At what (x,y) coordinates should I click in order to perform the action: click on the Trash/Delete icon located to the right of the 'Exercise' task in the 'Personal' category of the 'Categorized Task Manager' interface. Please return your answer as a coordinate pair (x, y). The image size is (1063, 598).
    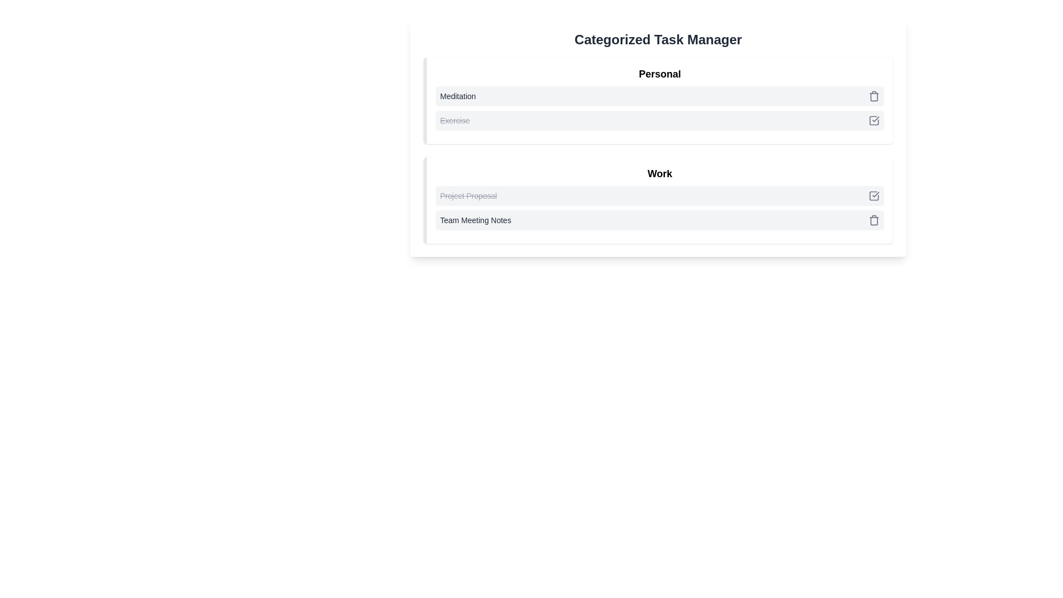
    Looking at the image, I should click on (874, 96).